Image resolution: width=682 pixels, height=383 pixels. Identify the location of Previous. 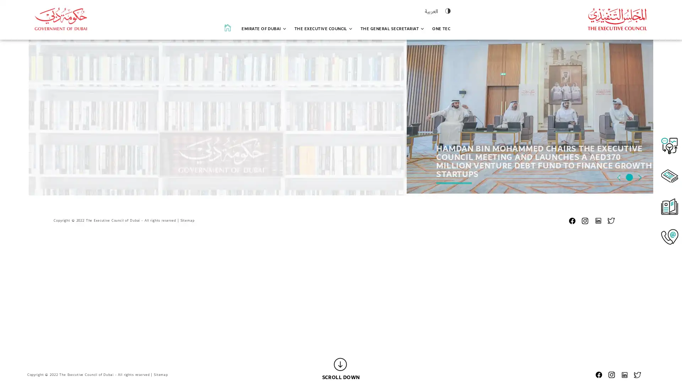
(618, 347).